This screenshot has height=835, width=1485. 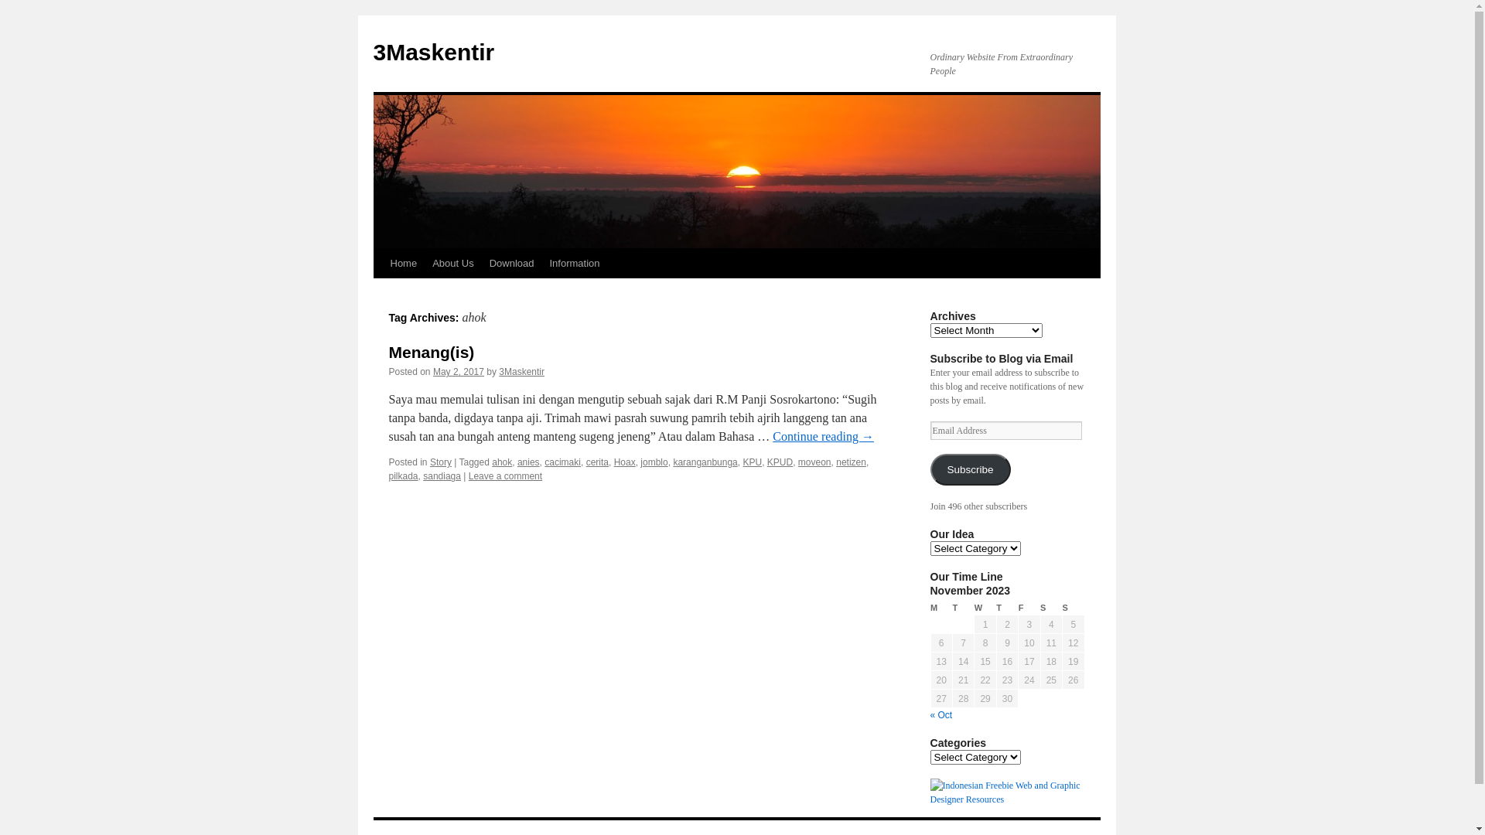 What do you see at coordinates (388, 352) in the screenshot?
I see `'Menang(is)'` at bounding box center [388, 352].